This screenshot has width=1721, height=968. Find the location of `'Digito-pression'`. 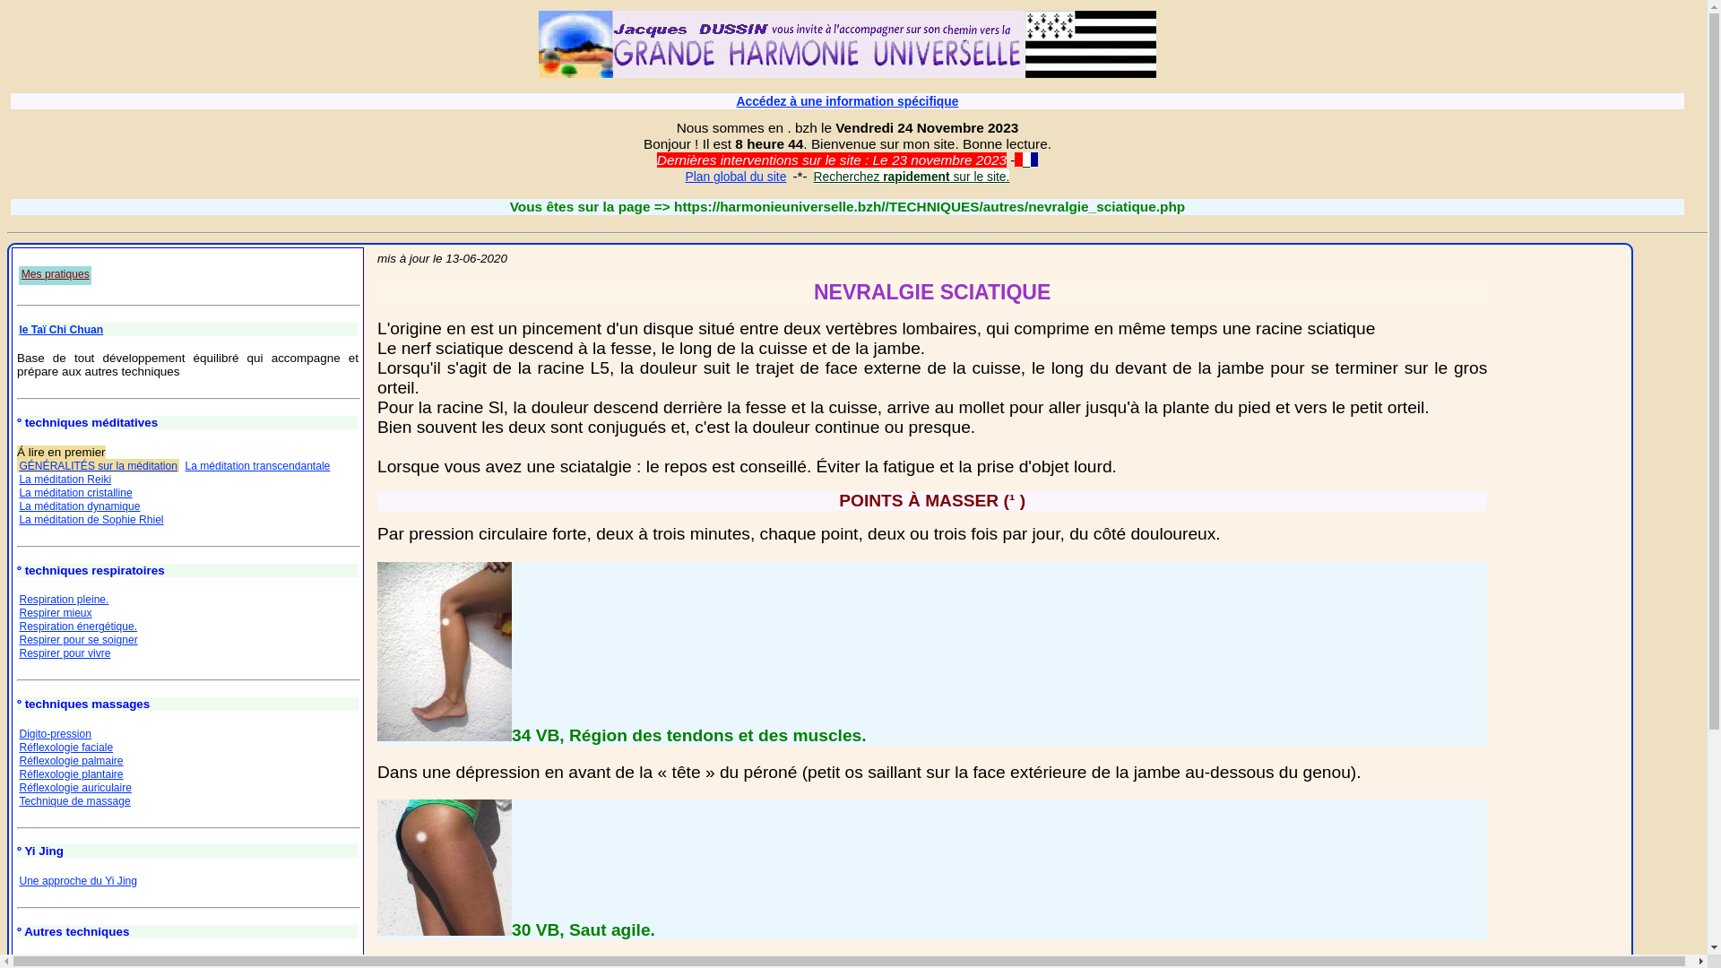

'Digito-pression' is located at coordinates (55, 733).